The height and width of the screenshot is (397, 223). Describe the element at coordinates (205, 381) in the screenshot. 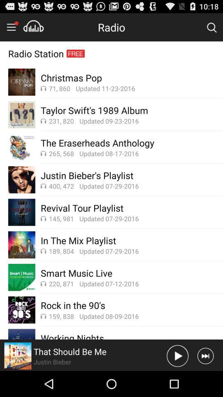

I see `the skip_next icon` at that location.